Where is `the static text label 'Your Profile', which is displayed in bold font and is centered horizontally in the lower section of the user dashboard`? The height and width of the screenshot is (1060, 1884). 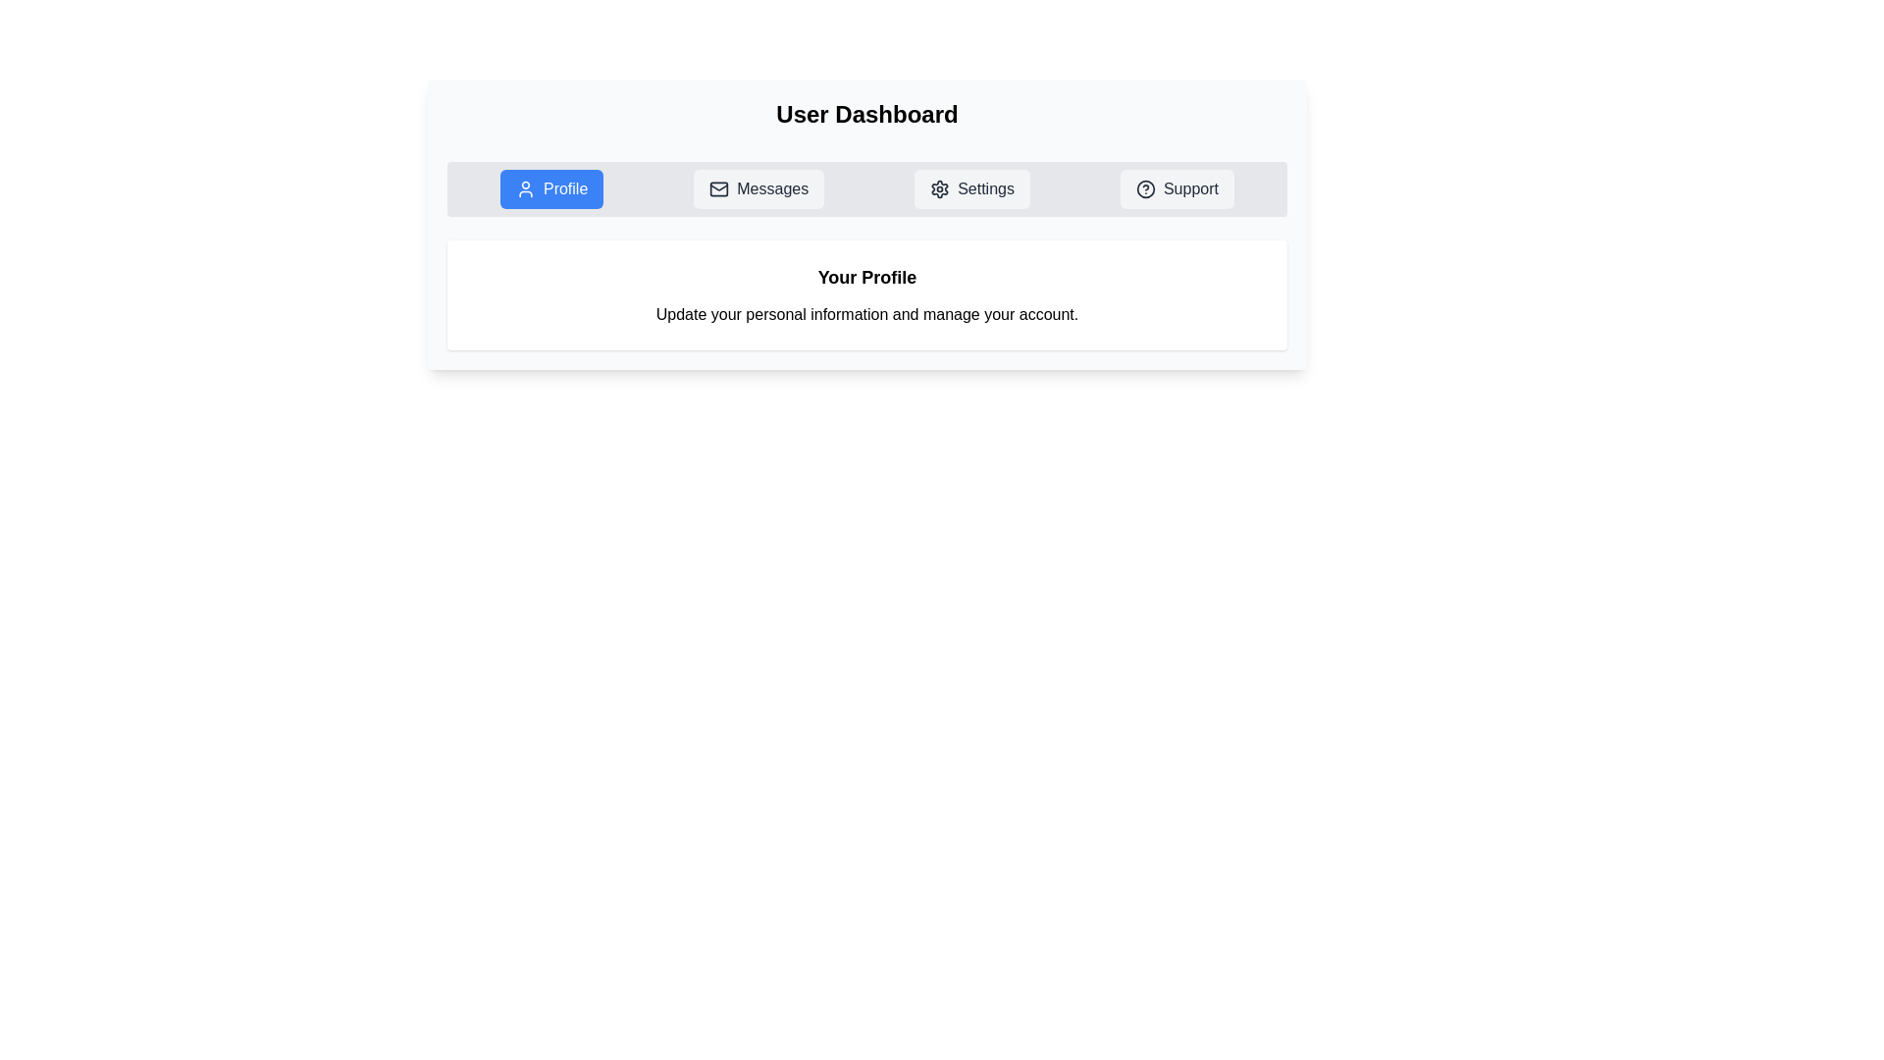
the static text label 'Your Profile', which is displayed in bold font and is centered horizontally in the lower section of the user dashboard is located at coordinates (865, 277).